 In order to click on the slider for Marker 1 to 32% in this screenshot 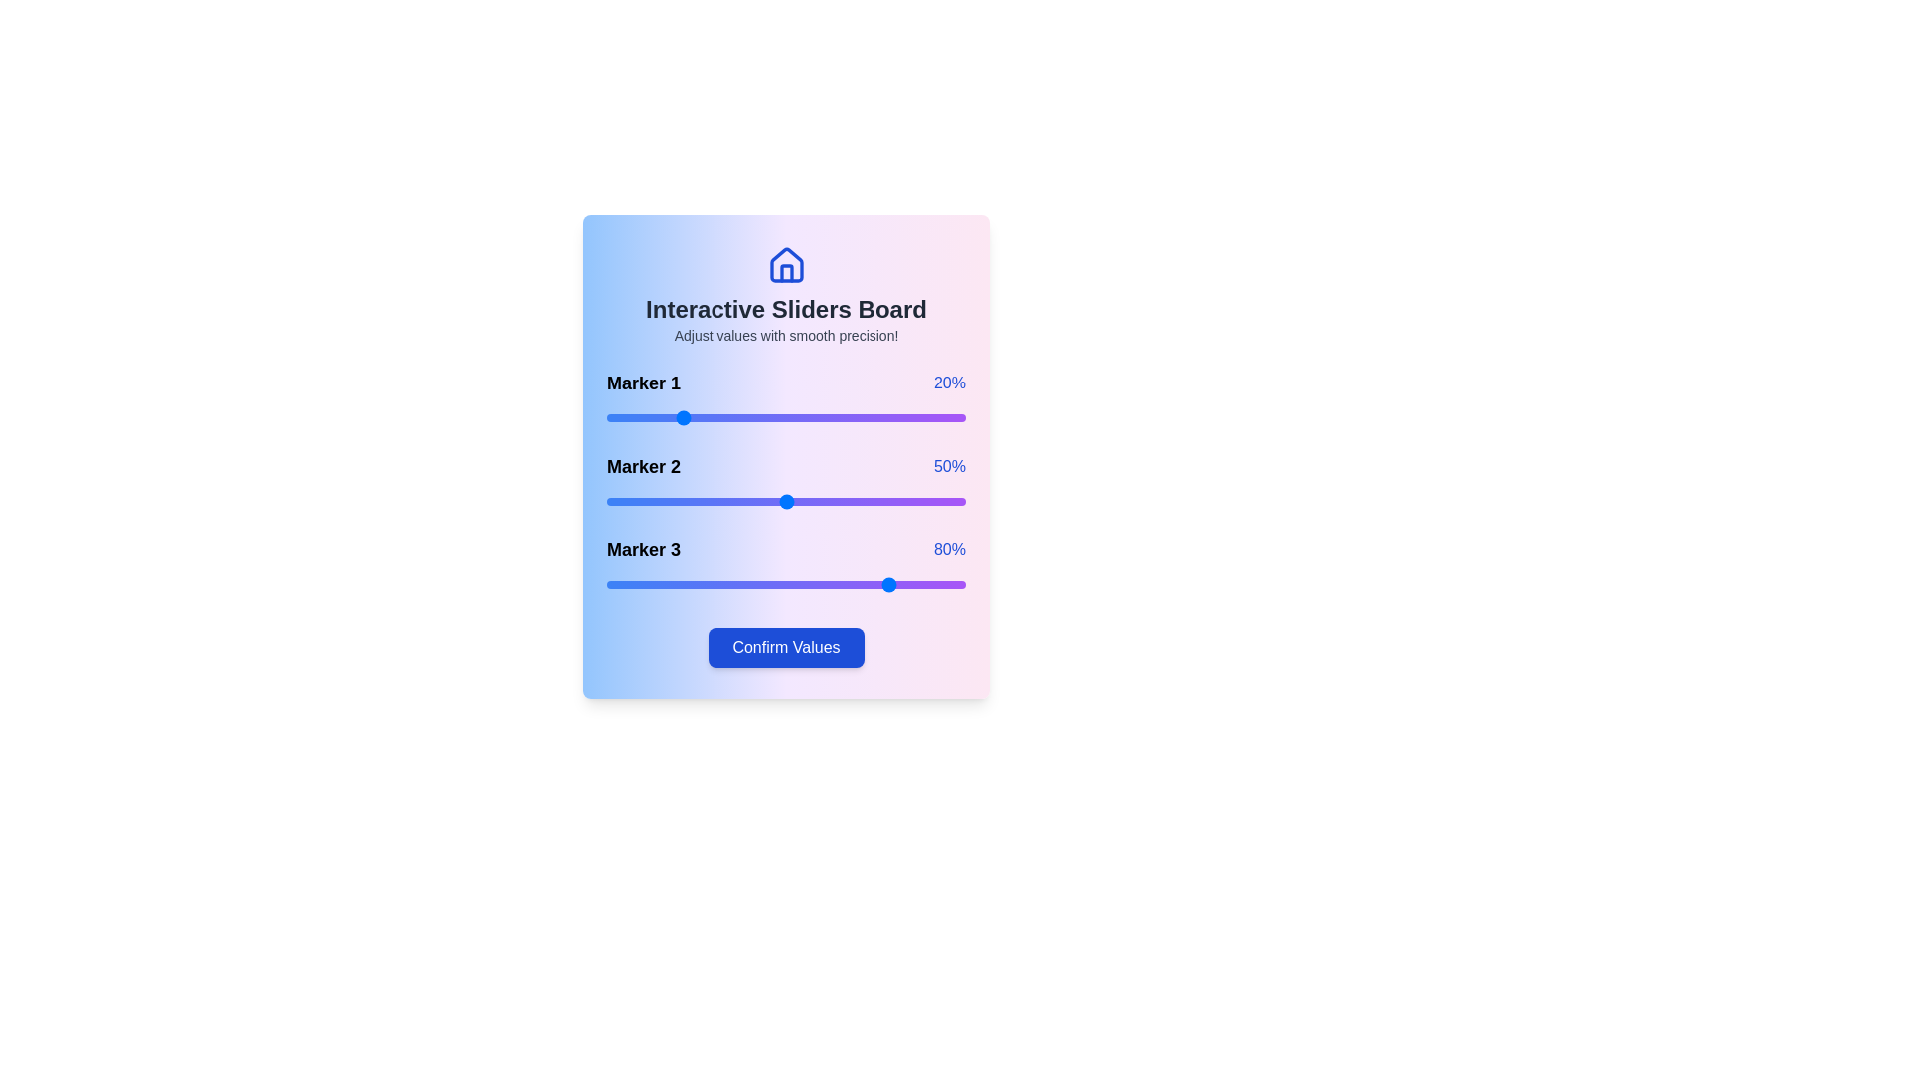, I will do `click(720, 416)`.